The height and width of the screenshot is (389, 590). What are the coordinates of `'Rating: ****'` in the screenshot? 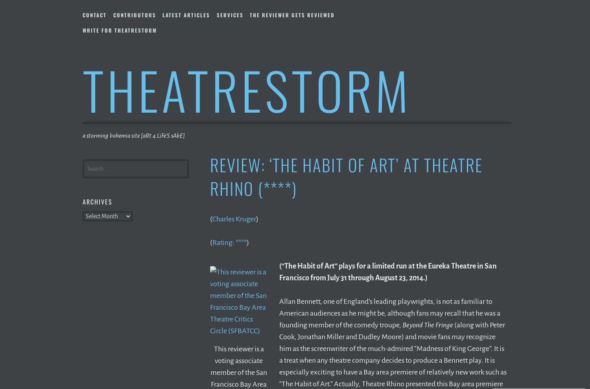 It's located at (212, 242).